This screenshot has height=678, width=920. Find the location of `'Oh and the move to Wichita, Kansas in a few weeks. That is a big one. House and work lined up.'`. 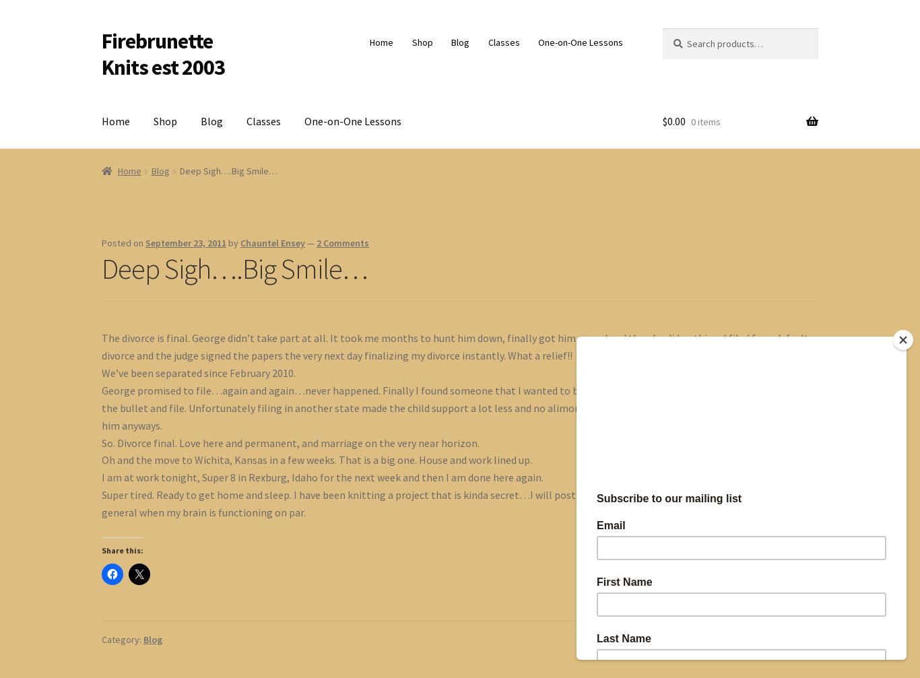

'Oh and the move to Wichita, Kansas in a few weeks. That is a big one. House and work lined up.' is located at coordinates (317, 459).